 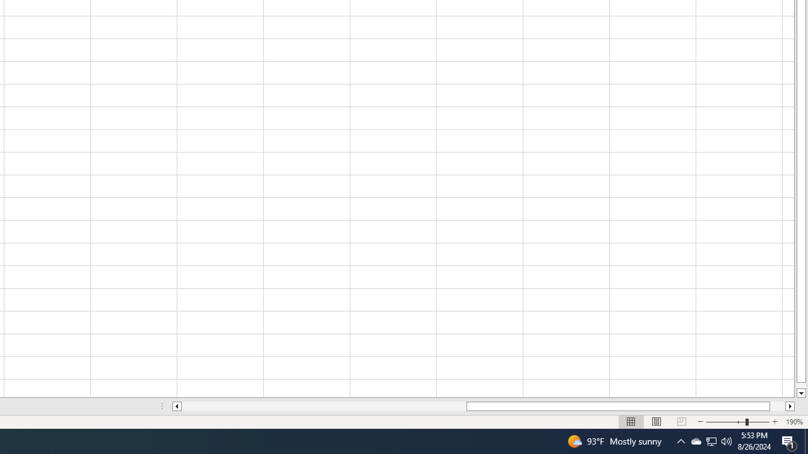 What do you see at coordinates (800, 385) in the screenshot?
I see `'Page down'` at bounding box center [800, 385].